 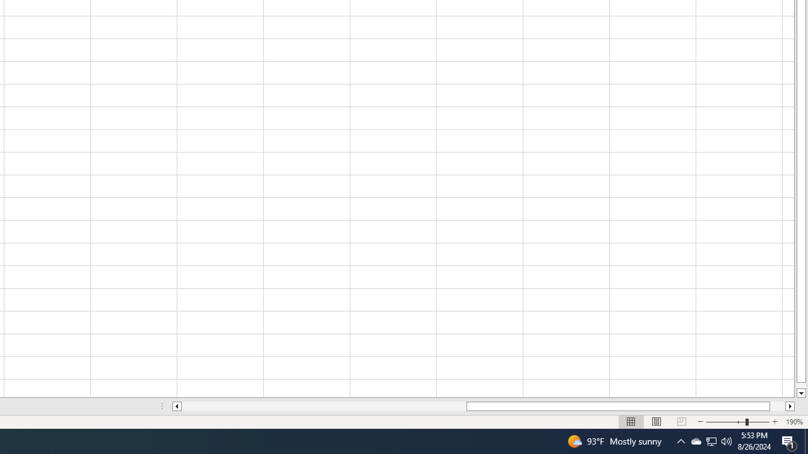 What do you see at coordinates (800, 385) in the screenshot?
I see `'Page down'` at bounding box center [800, 385].